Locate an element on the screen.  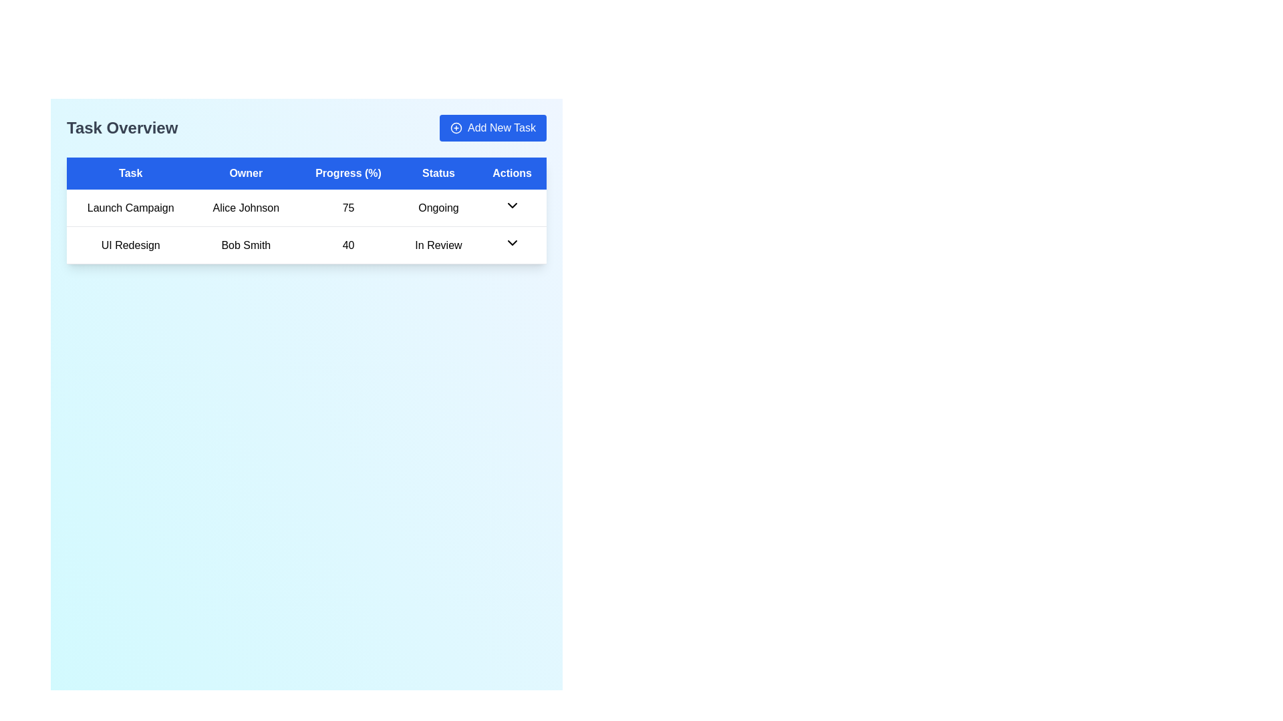
the dropdown toggle button located in the 'Actions' column of the second row for the task 'UI Redesign' with the status 'In Review' is located at coordinates (511, 242).